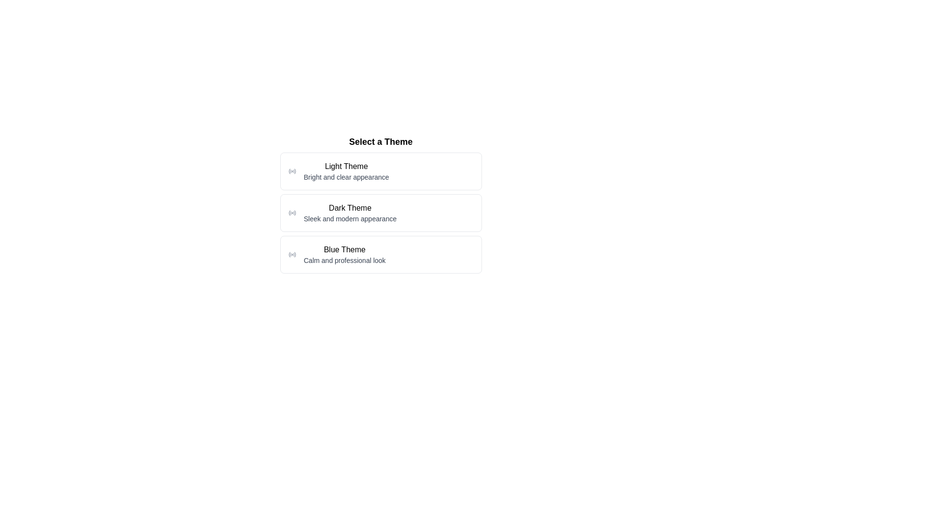 This screenshot has height=523, width=931. What do you see at coordinates (350, 207) in the screenshot?
I see `text label that displays 'Dark Theme' in the middle option of the theme selection UI` at bounding box center [350, 207].